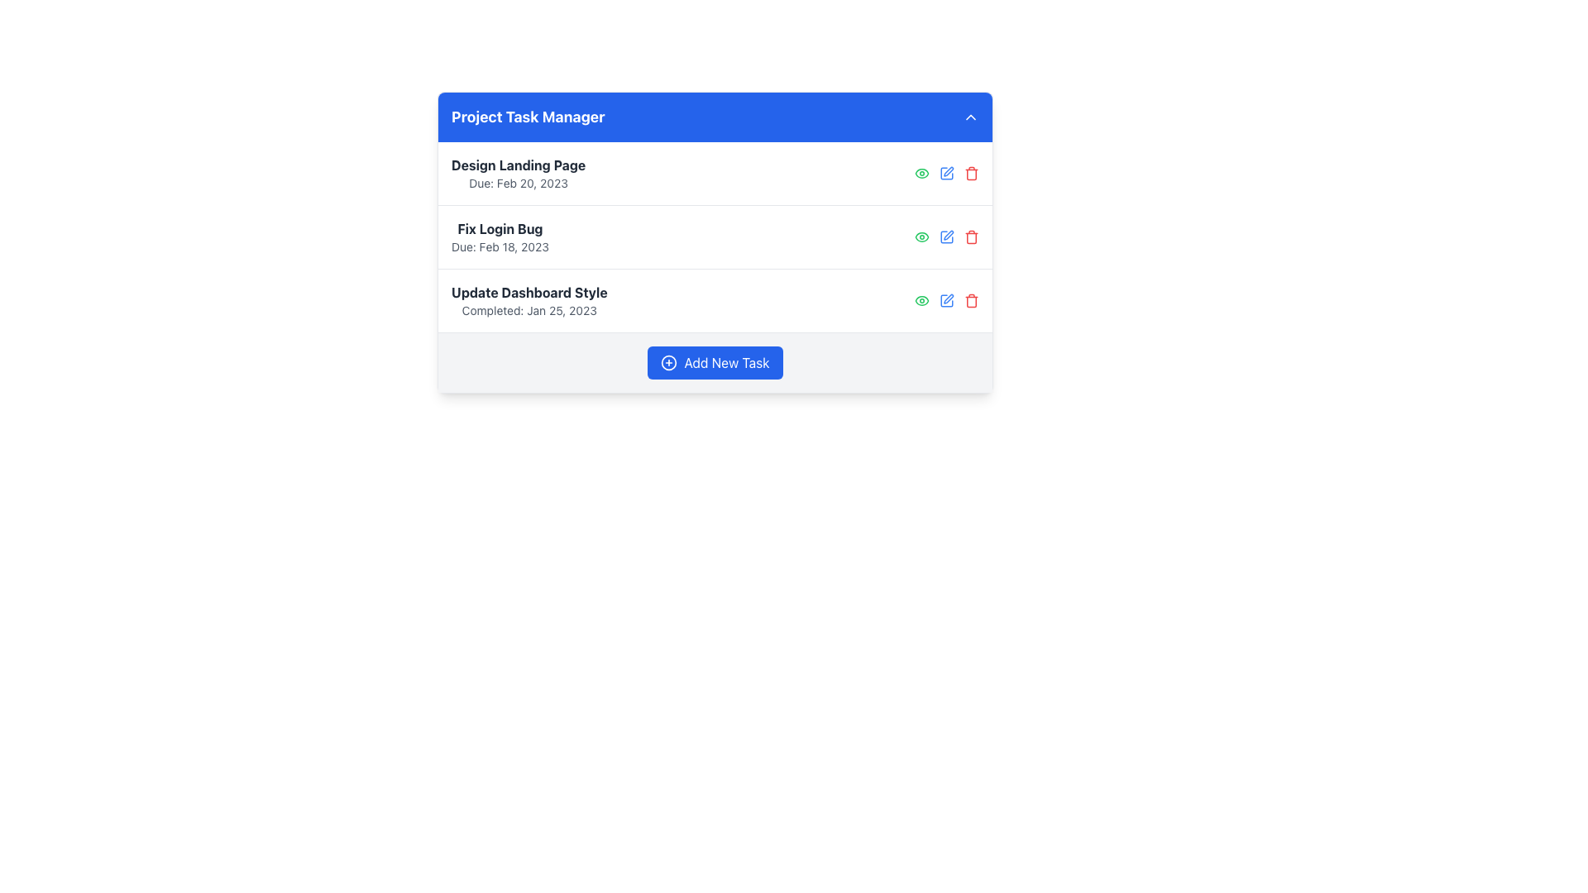  Describe the element at coordinates (947, 173) in the screenshot. I see `the second button in the group of three interactive buttons on the right side of the row labeled 'Design Landing Page Due: Feb 20, 2023'` at that location.